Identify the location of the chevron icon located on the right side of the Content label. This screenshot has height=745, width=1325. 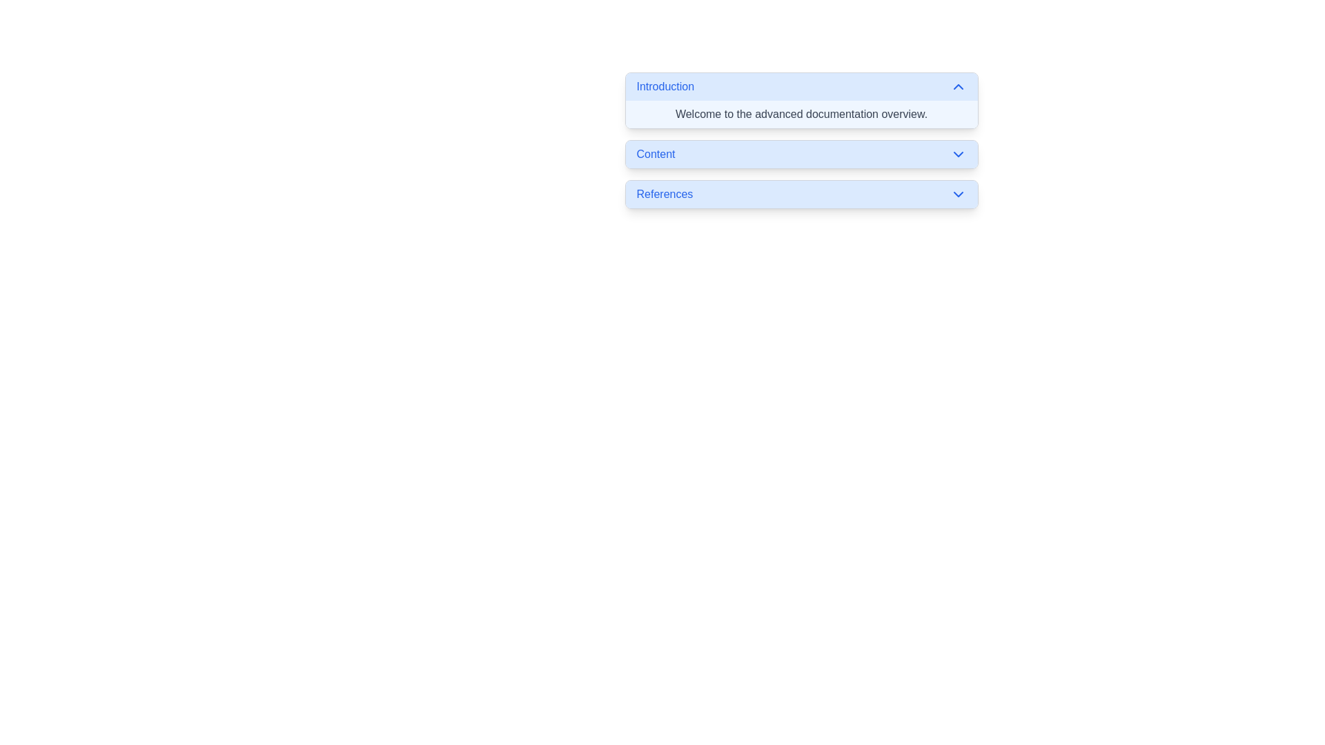
(957, 154).